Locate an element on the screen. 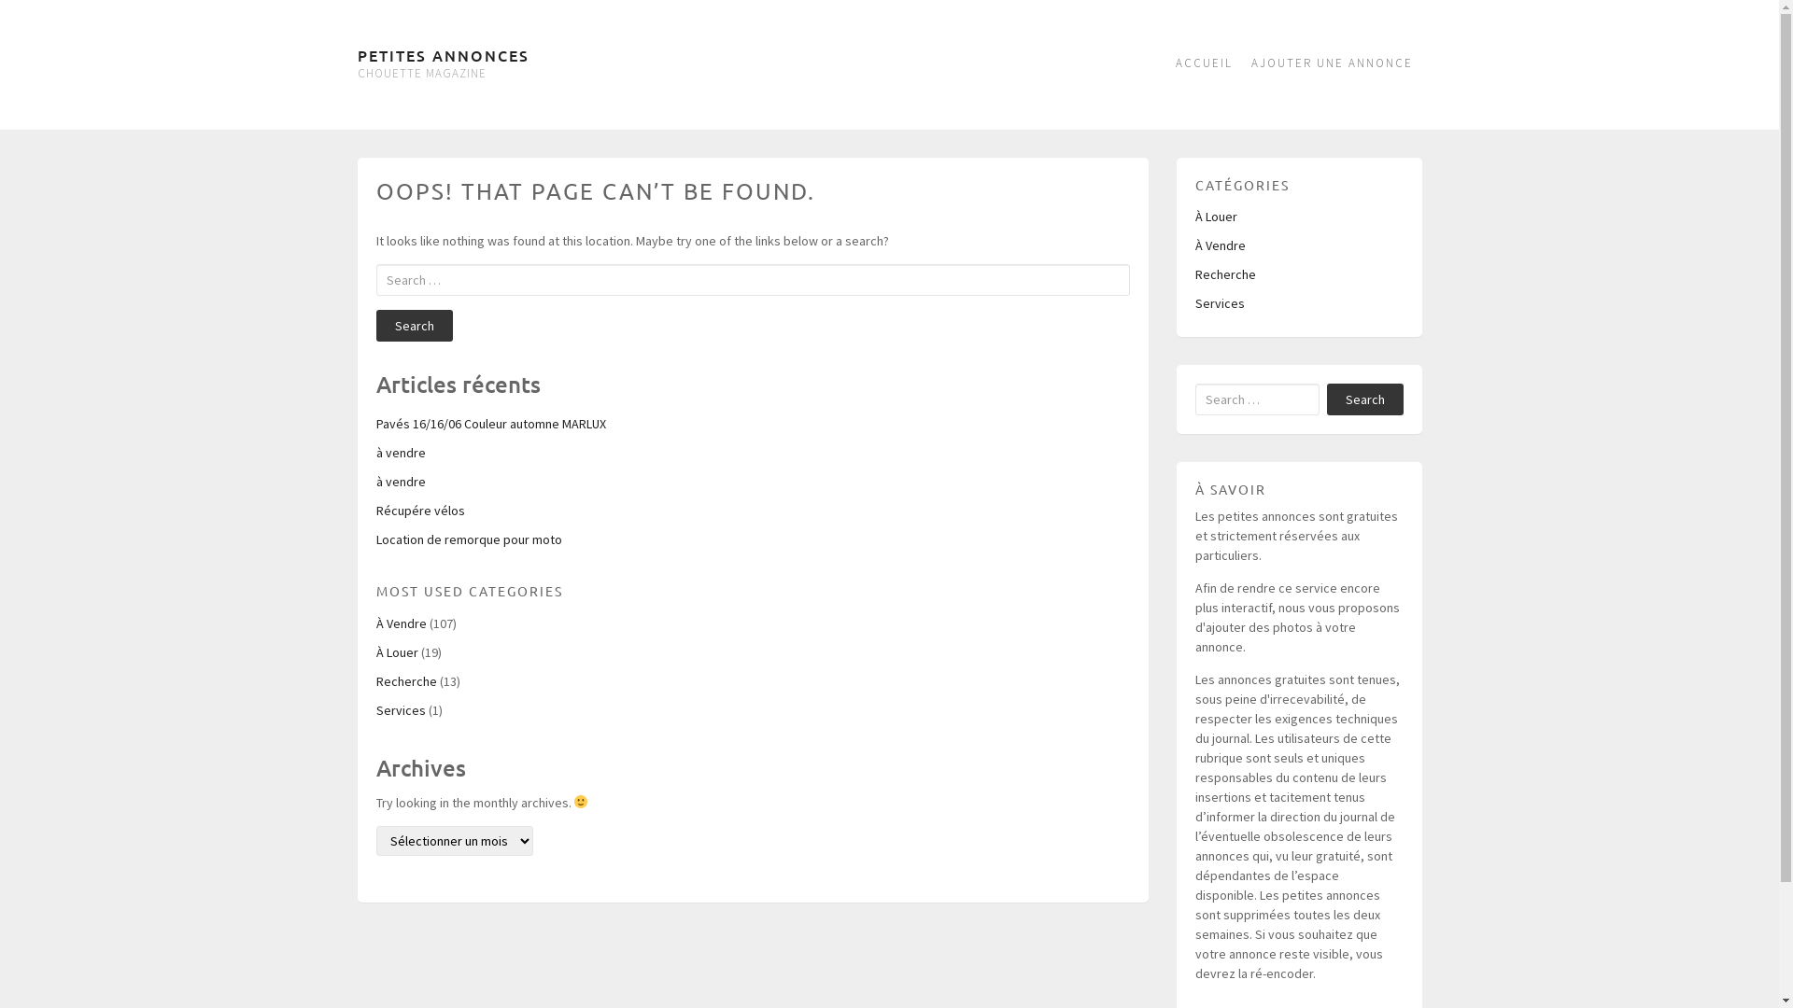 The height and width of the screenshot is (1008, 1793). 'PETITES ANNONCES' is located at coordinates (442, 53).